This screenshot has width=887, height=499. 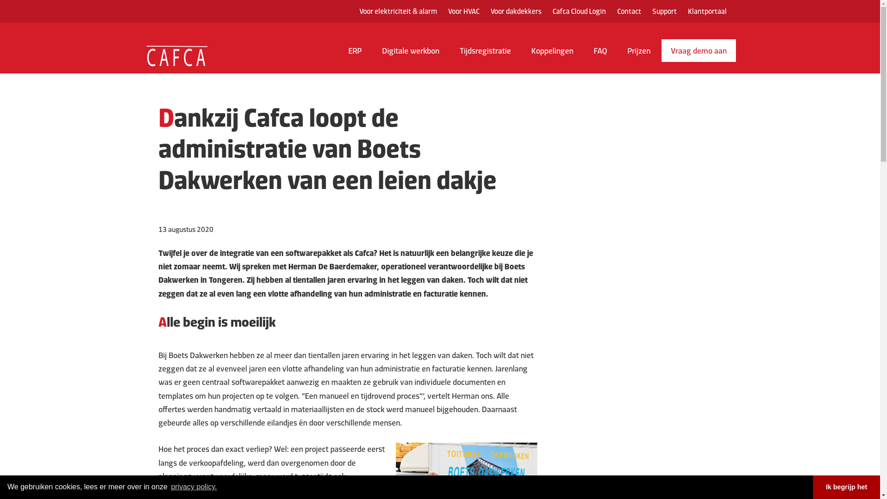 What do you see at coordinates (164, 55) in the screenshot?
I see `'Home'` at bounding box center [164, 55].